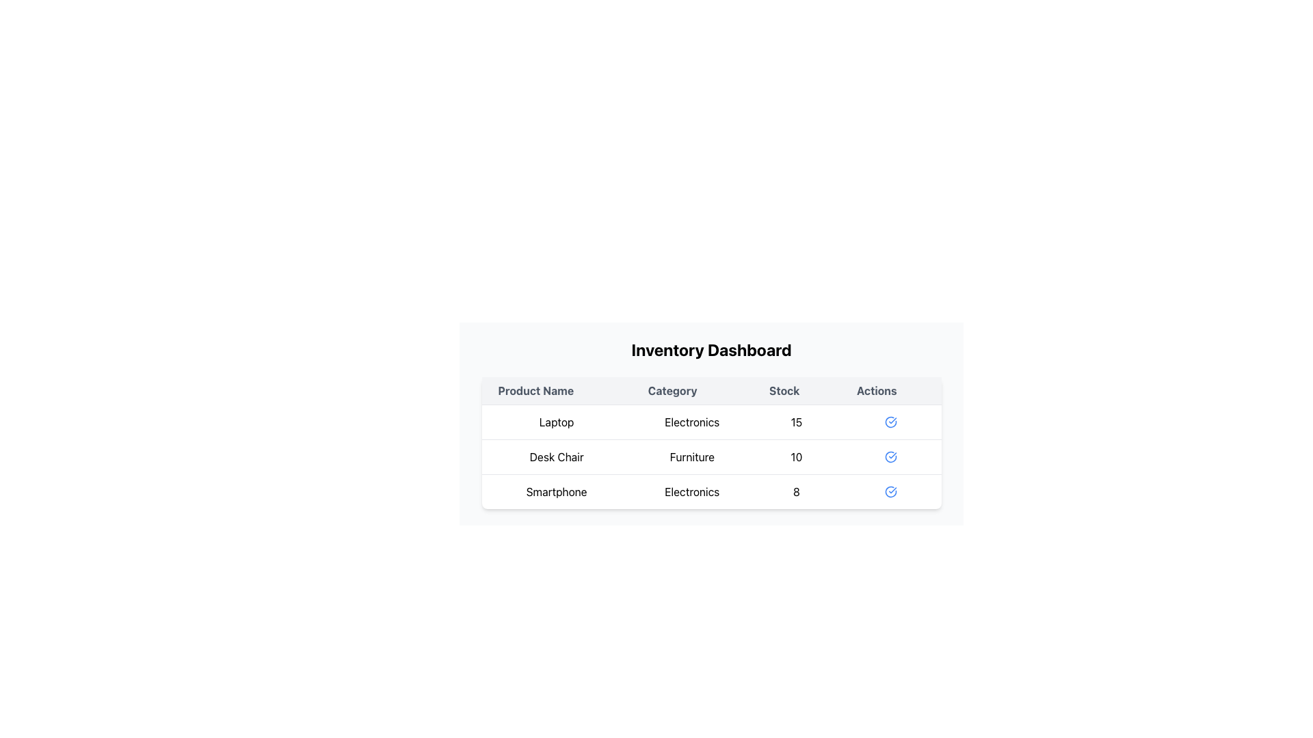  I want to click on the circular icon with a check mark inside, styled with a blue border and transparent background, located in the 'Actions' column of the third row in the 'Inventory Dashboard' table, so click(890, 492).